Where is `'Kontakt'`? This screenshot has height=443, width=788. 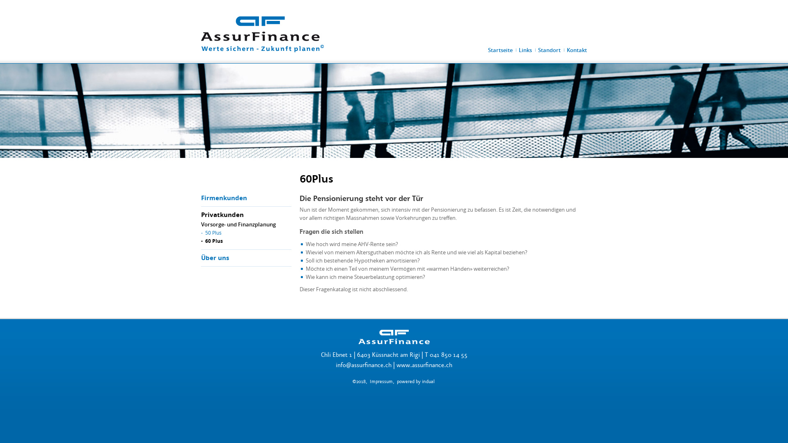
'Kontakt' is located at coordinates (576, 50).